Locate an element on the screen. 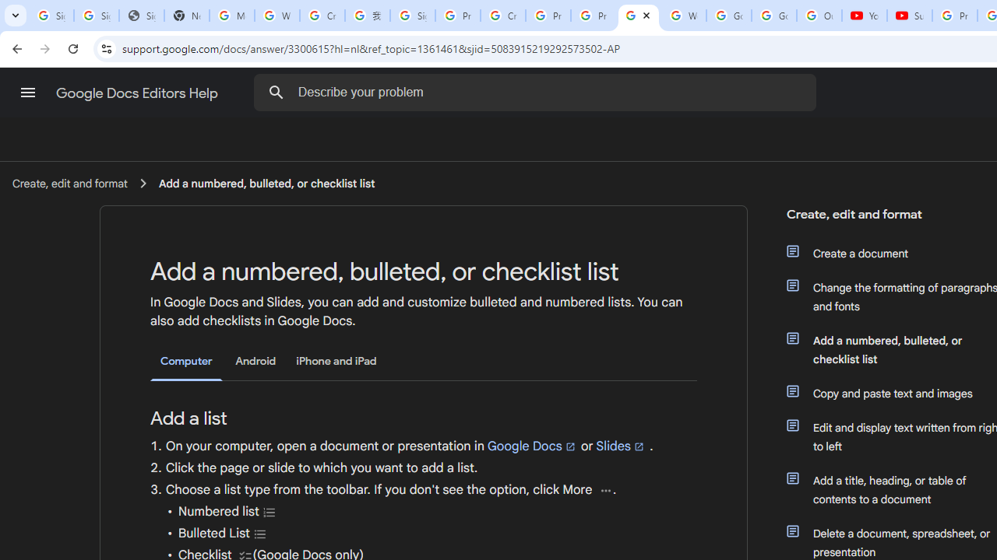  'Google Docs' is located at coordinates (532, 446).